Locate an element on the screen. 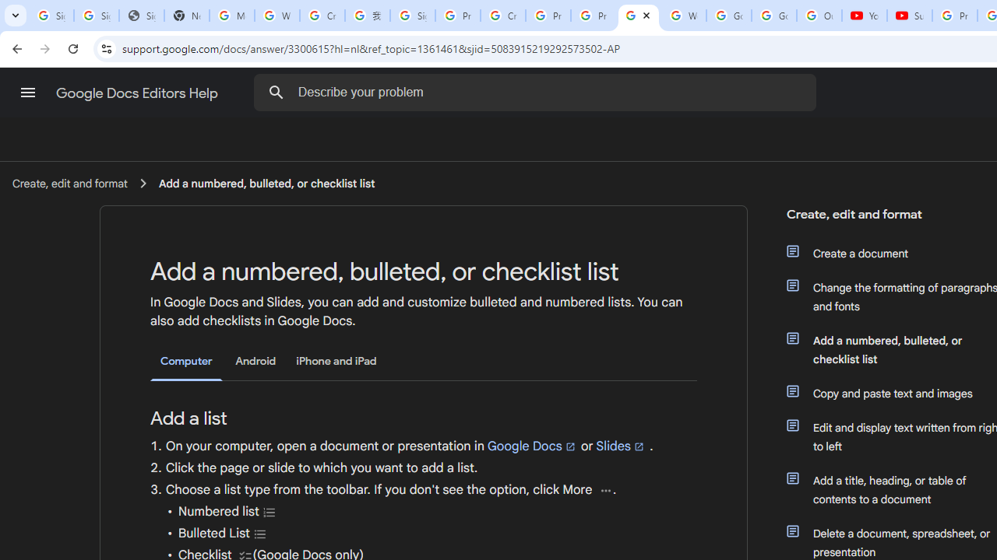  'Google Docs' is located at coordinates (532, 446).